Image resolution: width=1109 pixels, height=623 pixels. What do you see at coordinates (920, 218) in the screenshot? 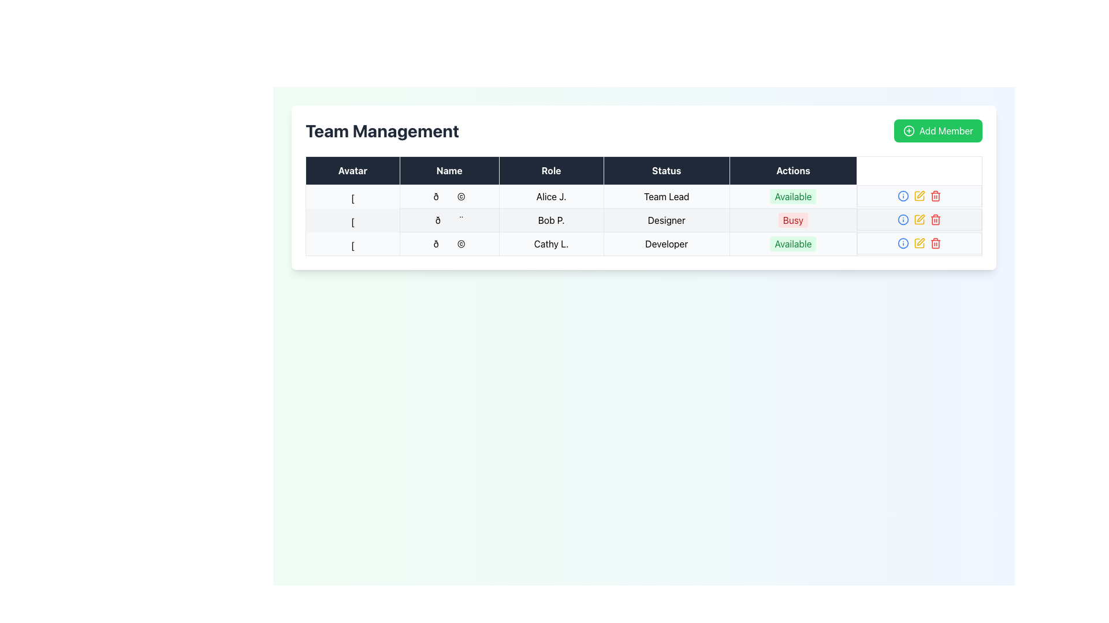
I see `the pen icon button in the 'Actions' column for the row associated with 'Bob P.'` at bounding box center [920, 218].